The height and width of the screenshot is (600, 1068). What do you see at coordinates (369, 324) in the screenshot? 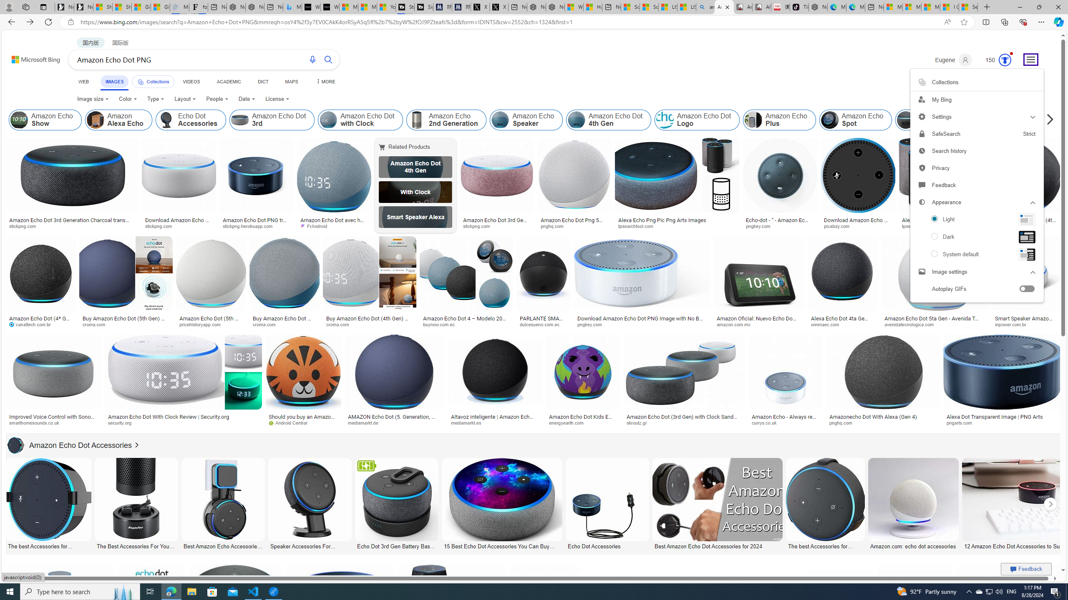
I see `'croma.com'` at bounding box center [369, 324].